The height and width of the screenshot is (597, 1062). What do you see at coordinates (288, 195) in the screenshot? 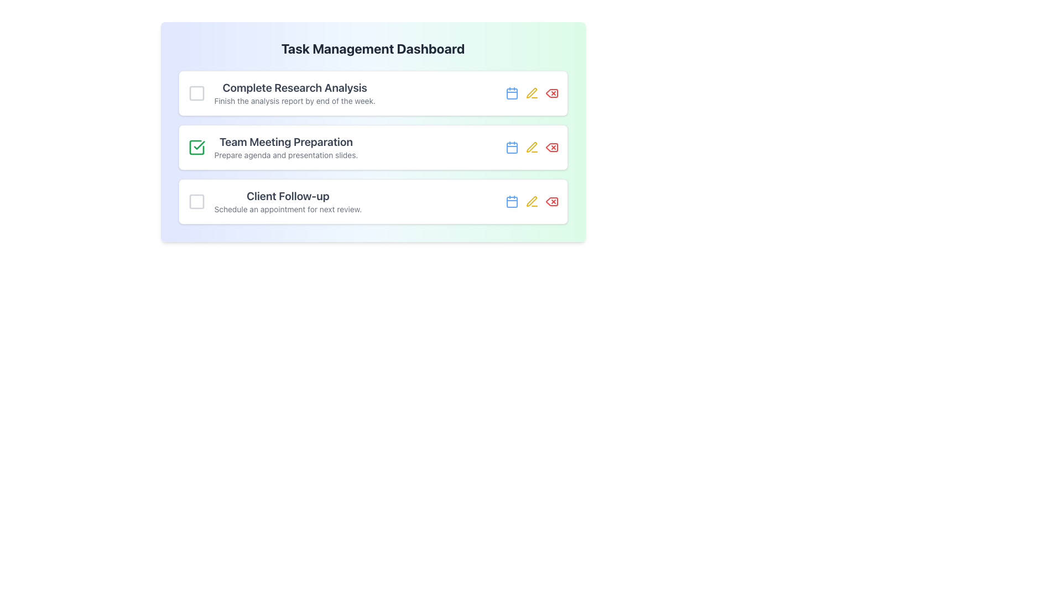
I see `the bold, large text label displaying 'Client Follow-up' in dark gray, positioned in the third item of a vertical list on the task management dashboard` at bounding box center [288, 195].